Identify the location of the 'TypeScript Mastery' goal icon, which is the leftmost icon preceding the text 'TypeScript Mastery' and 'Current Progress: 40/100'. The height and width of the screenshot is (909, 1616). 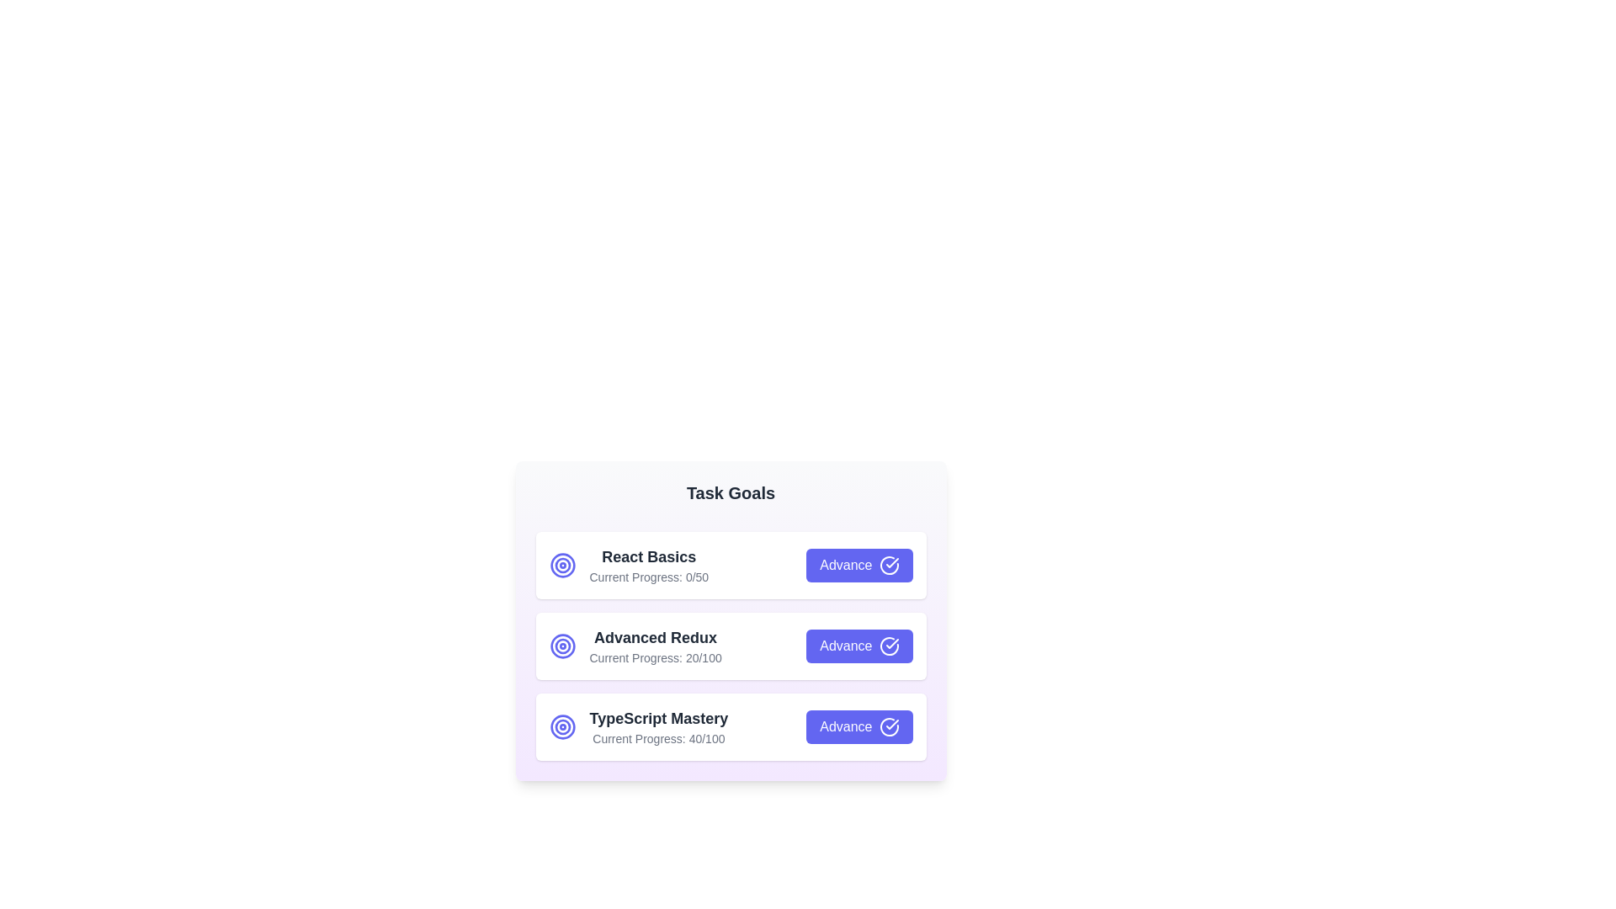
(562, 726).